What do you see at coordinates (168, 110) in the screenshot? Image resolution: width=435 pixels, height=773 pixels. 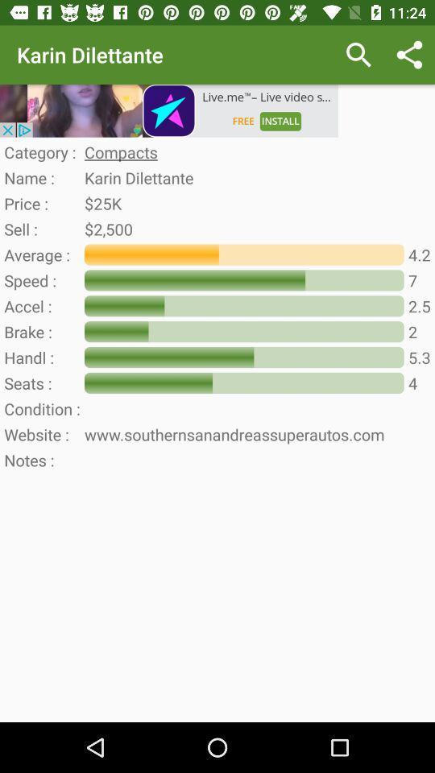 I see `install application` at bounding box center [168, 110].